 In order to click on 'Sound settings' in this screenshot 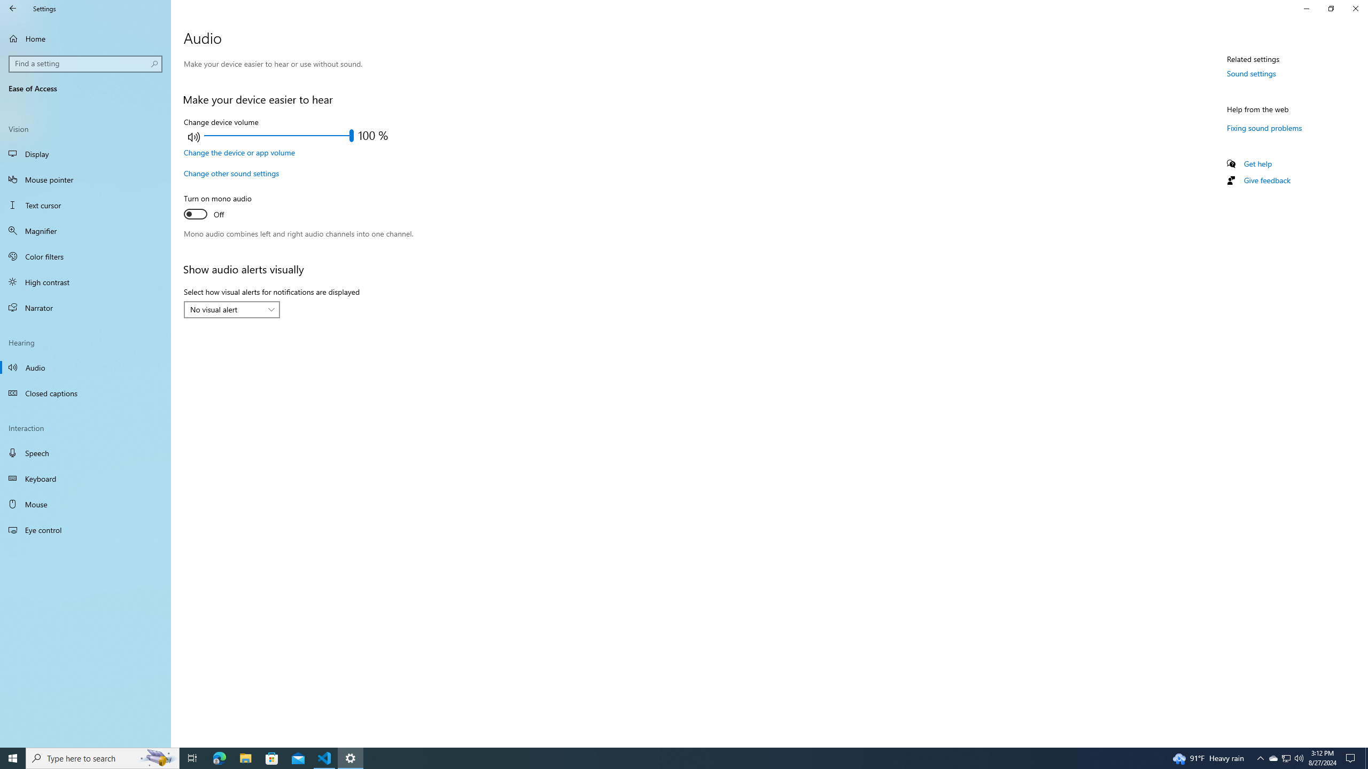, I will do `click(1251, 73)`.